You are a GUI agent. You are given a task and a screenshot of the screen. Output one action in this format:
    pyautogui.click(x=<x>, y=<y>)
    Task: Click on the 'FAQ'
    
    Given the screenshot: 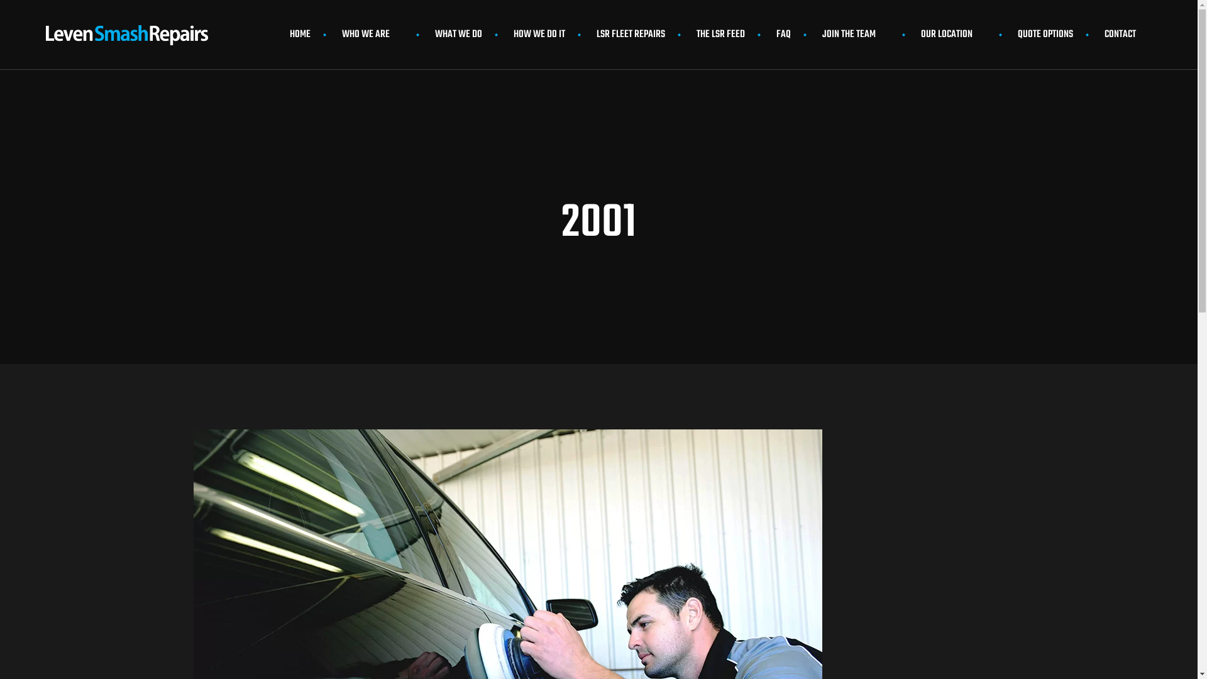 What is the action you would take?
    pyautogui.click(x=759, y=33)
    